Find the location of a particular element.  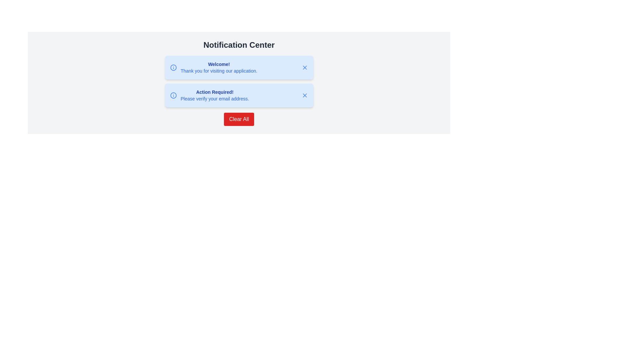

instruction displayed in the text label that says 'Please verify your email address.' which is styled in smaller blue font and positioned below the heading 'Action Required!' in the second notification card of the 'Notification Center' is located at coordinates (215, 98).